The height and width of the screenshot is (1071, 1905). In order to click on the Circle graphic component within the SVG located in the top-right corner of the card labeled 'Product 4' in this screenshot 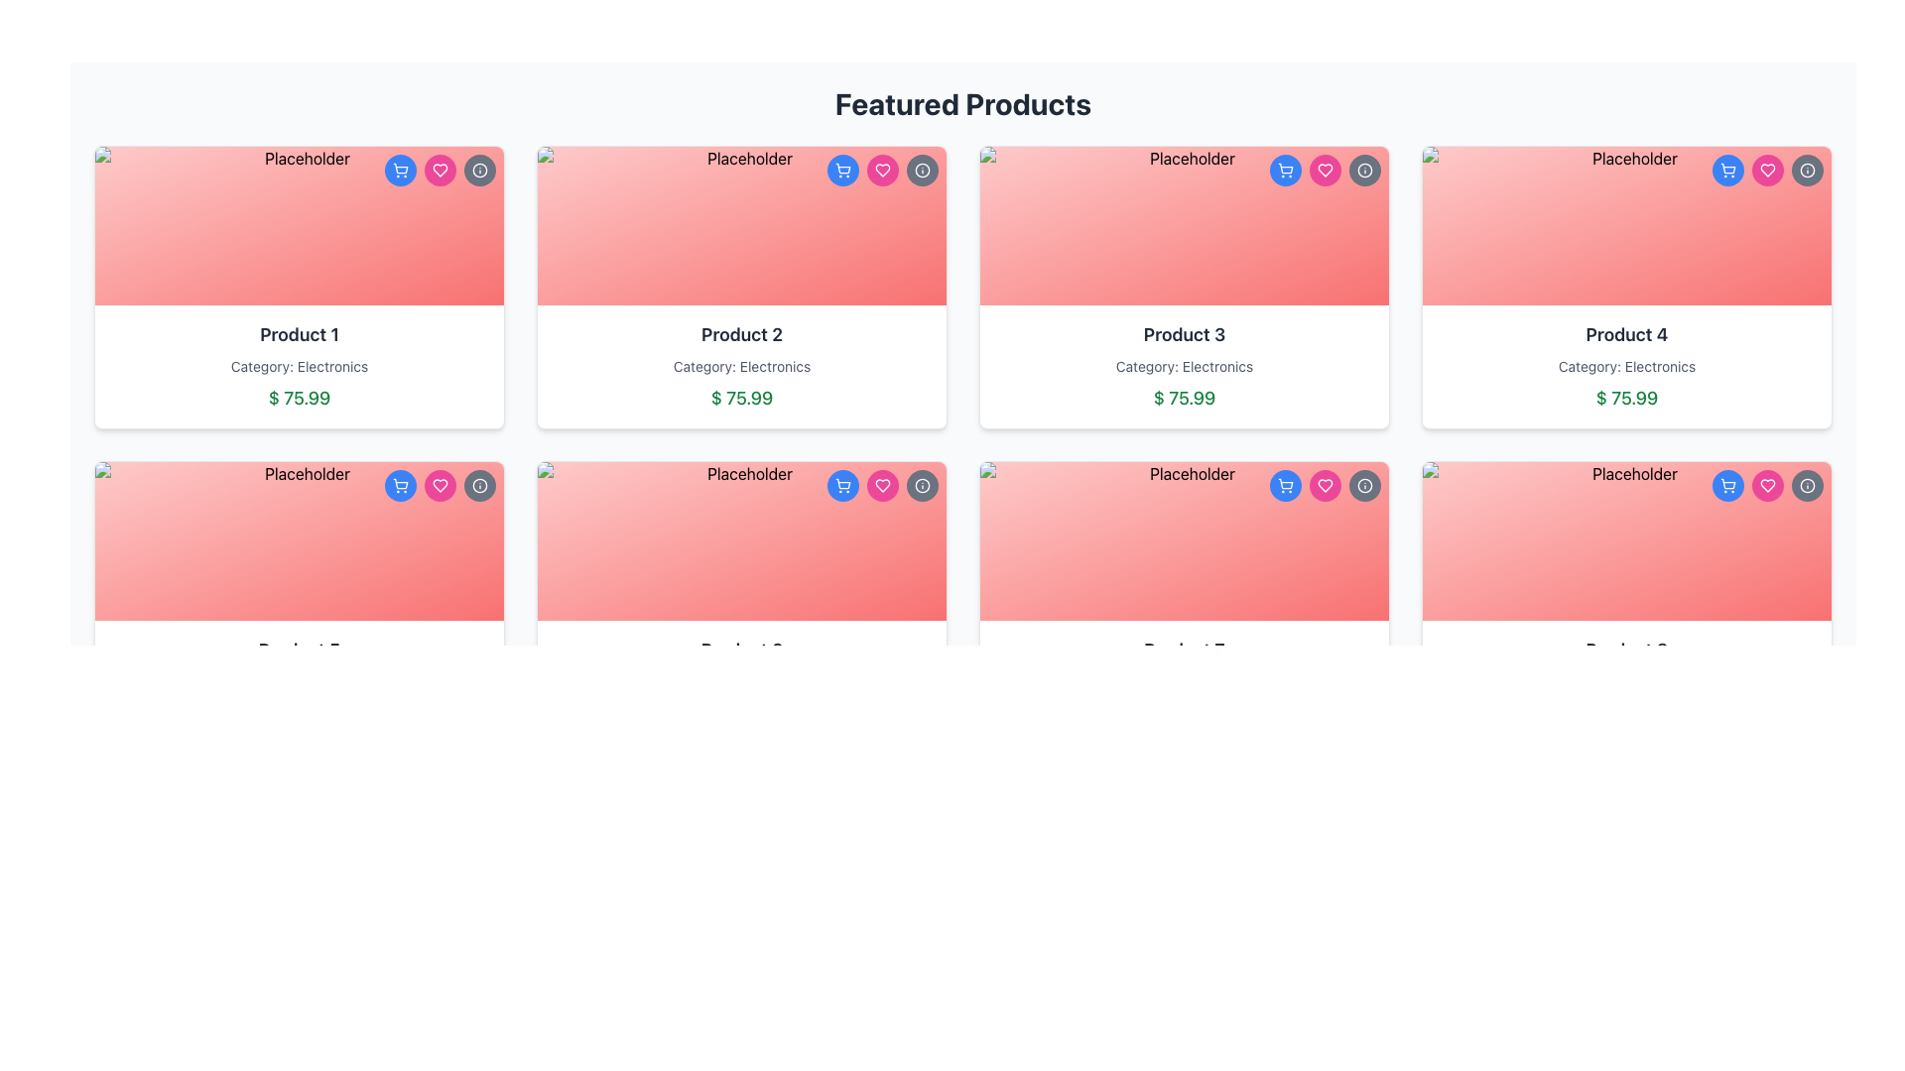, I will do `click(1808, 485)`.